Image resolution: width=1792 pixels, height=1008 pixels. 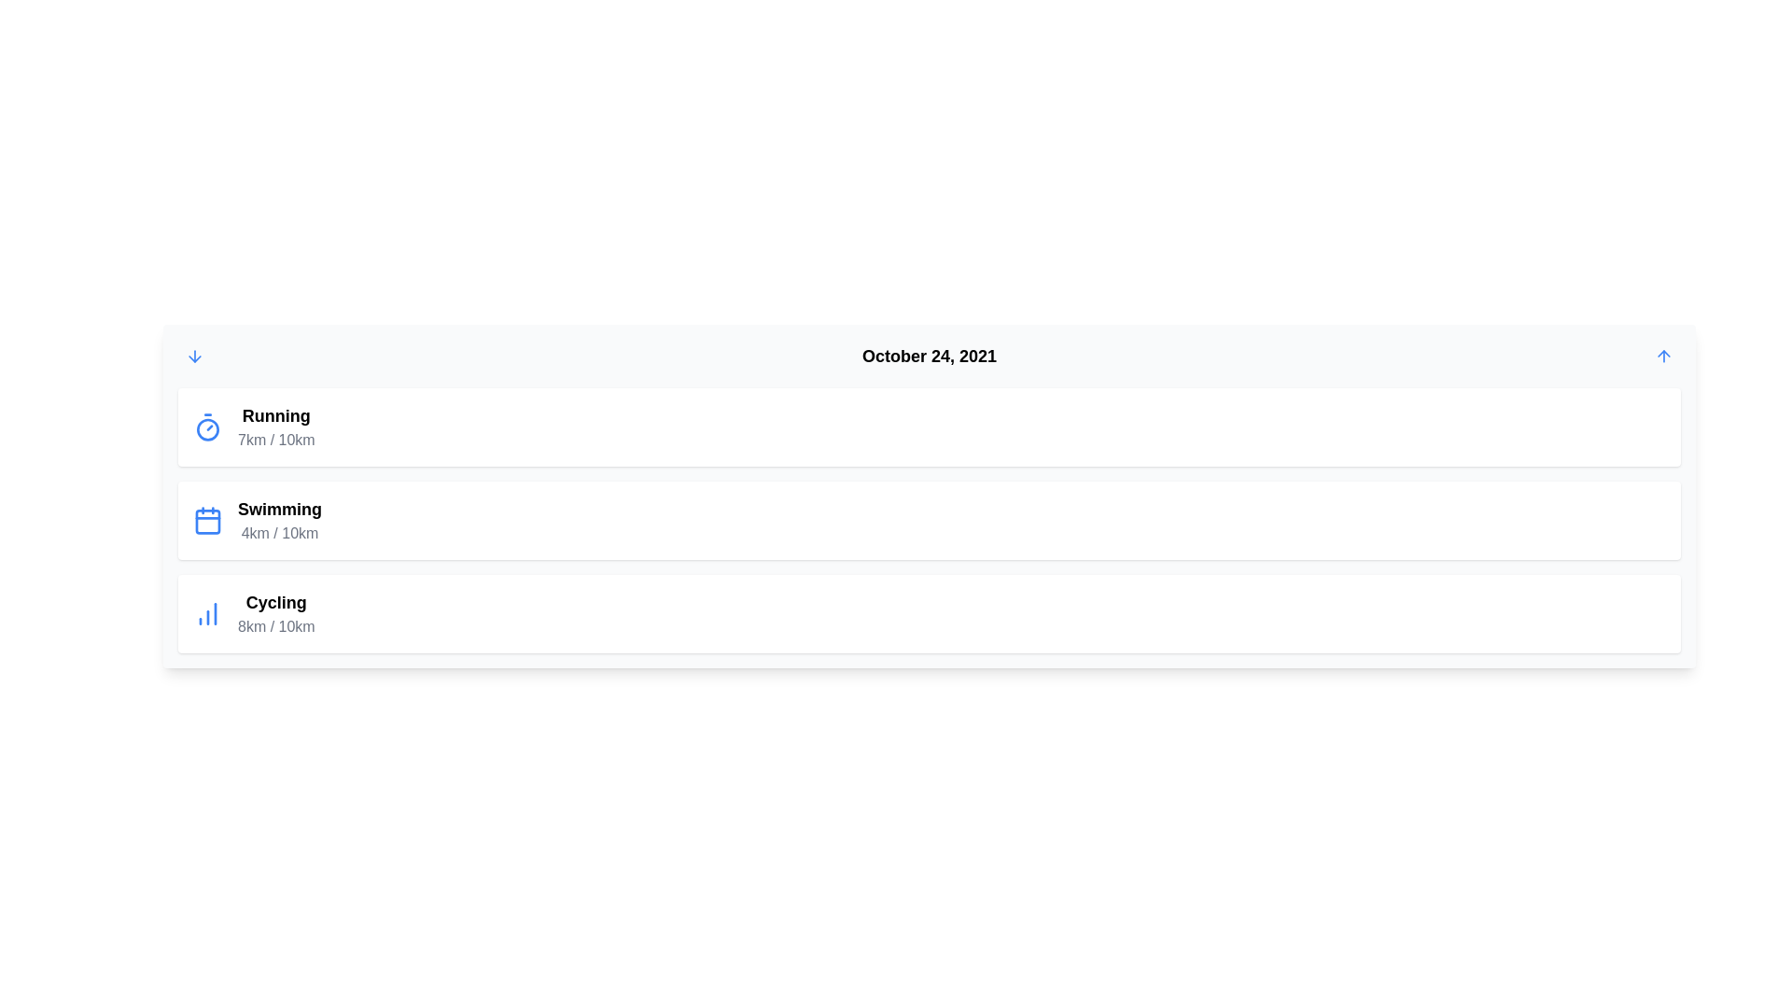 What do you see at coordinates (279, 510) in the screenshot?
I see `'Swimming' text label which serves as a title for the activity within the categorized list` at bounding box center [279, 510].